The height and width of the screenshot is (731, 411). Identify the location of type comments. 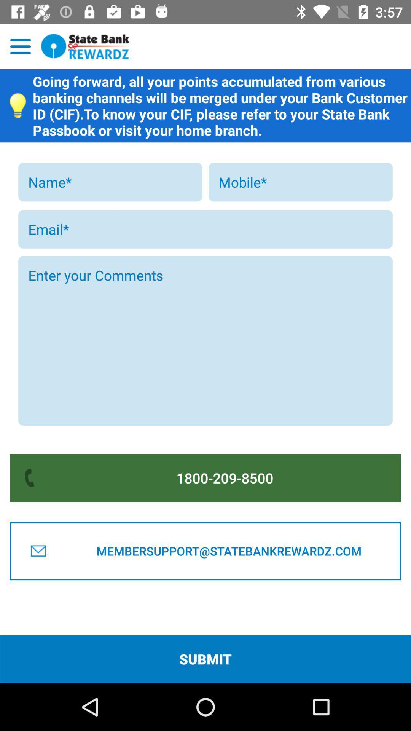
(205, 340).